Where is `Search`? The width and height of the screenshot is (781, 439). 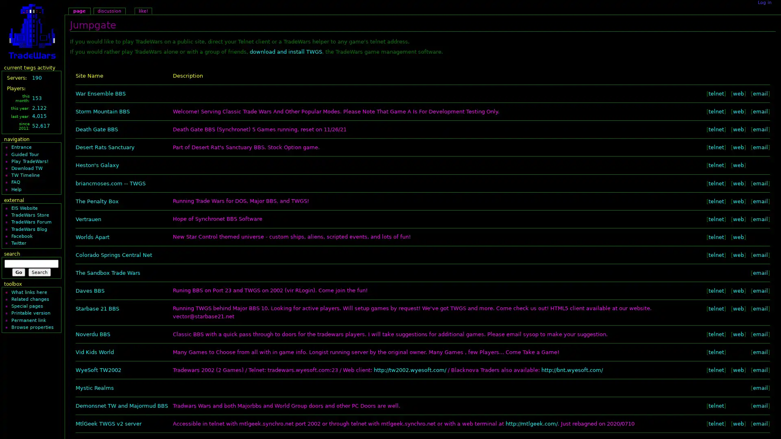 Search is located at coordinates (39, 272).